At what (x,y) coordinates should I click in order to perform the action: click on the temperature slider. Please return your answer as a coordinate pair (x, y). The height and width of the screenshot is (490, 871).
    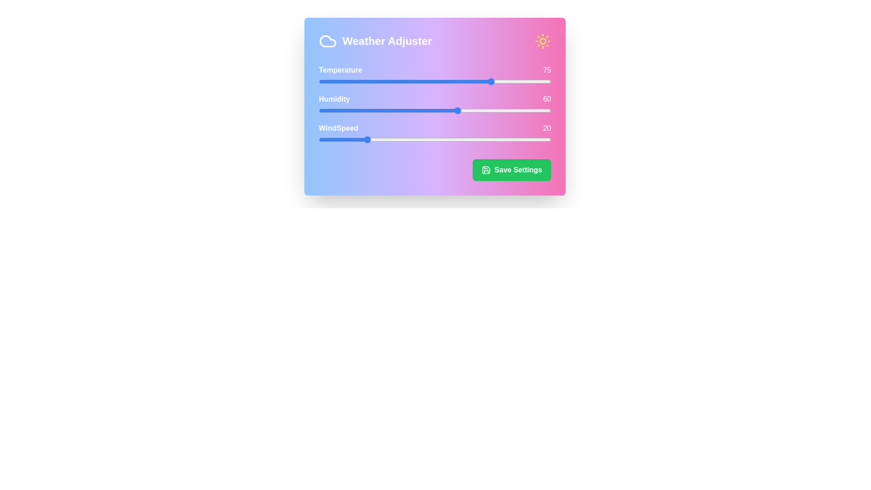
    Looking at the image, I should click on (483, 82).